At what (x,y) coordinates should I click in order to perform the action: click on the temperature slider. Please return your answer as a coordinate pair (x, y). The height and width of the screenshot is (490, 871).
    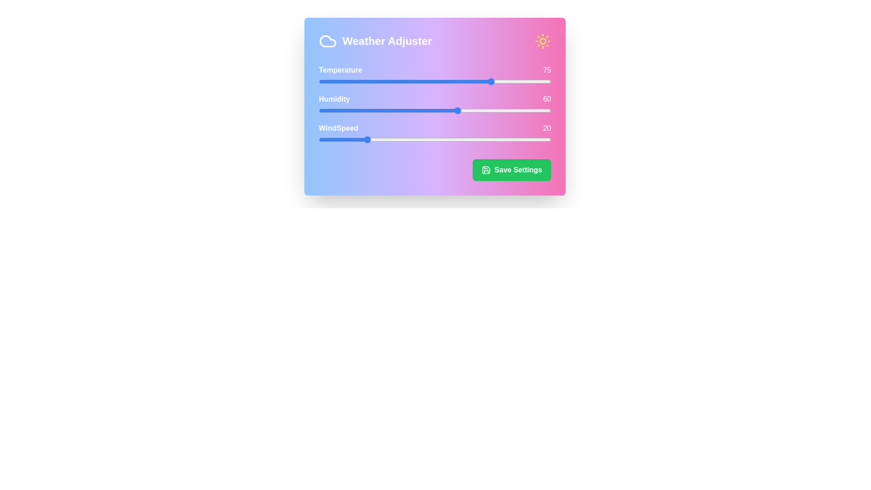
    Looking at the image, I should click on (483, 82).